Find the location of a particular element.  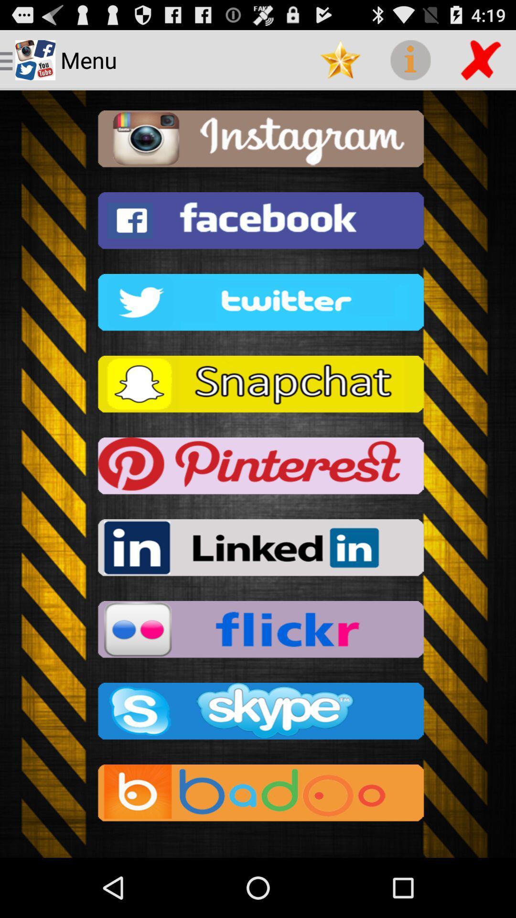

abrir funo twitter is located at coordinates (258, 305).